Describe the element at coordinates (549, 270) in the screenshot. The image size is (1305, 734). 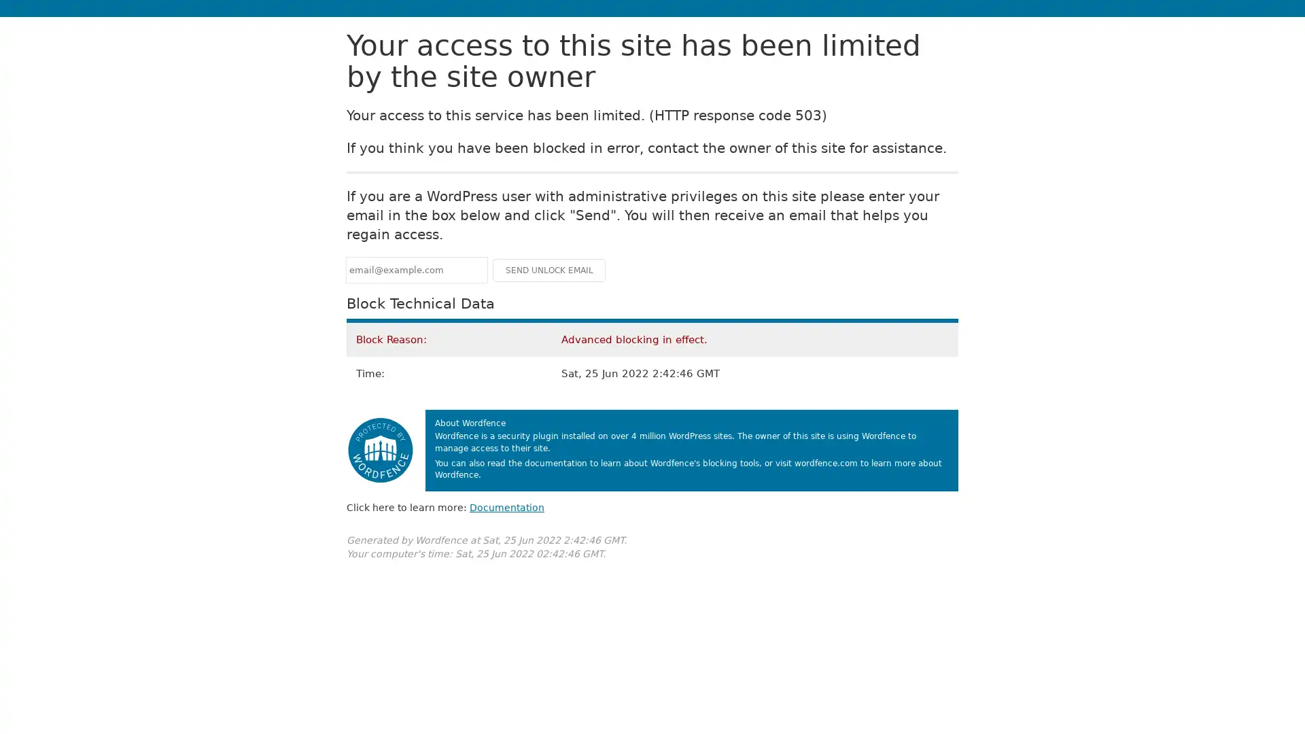
I see `Send Unlock Email` at that location.